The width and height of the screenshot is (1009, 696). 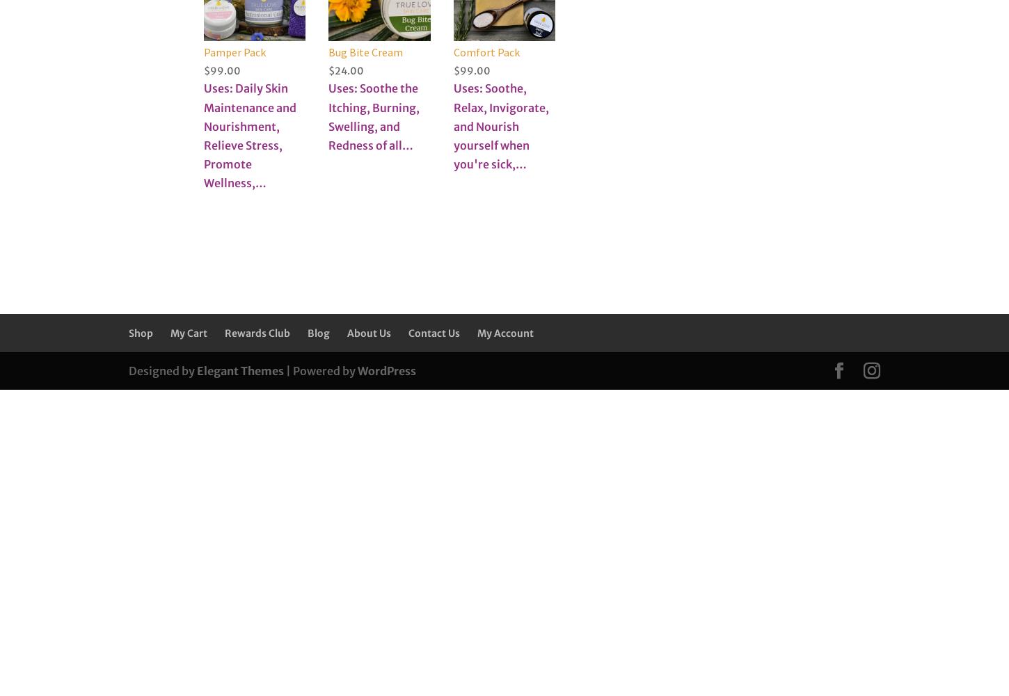 What do you see at coordinates (235, 51) in the screenshot?
I see `'Pamper Pack'` at bounding box center [235, 51].